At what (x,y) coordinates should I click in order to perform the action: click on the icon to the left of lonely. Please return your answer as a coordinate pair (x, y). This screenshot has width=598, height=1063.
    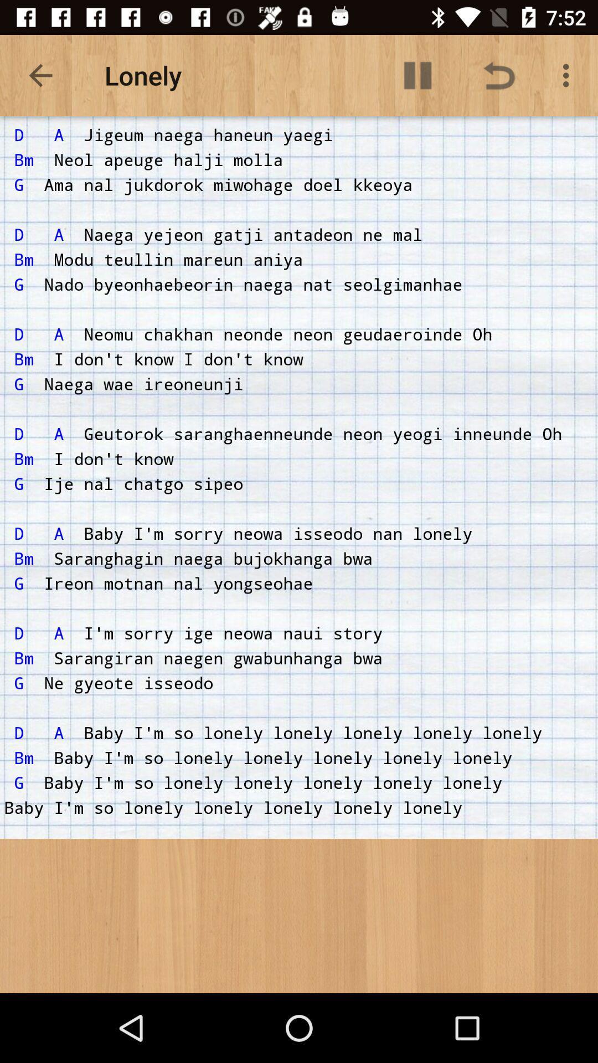
    Looking at the image, I should click on (40, 75).